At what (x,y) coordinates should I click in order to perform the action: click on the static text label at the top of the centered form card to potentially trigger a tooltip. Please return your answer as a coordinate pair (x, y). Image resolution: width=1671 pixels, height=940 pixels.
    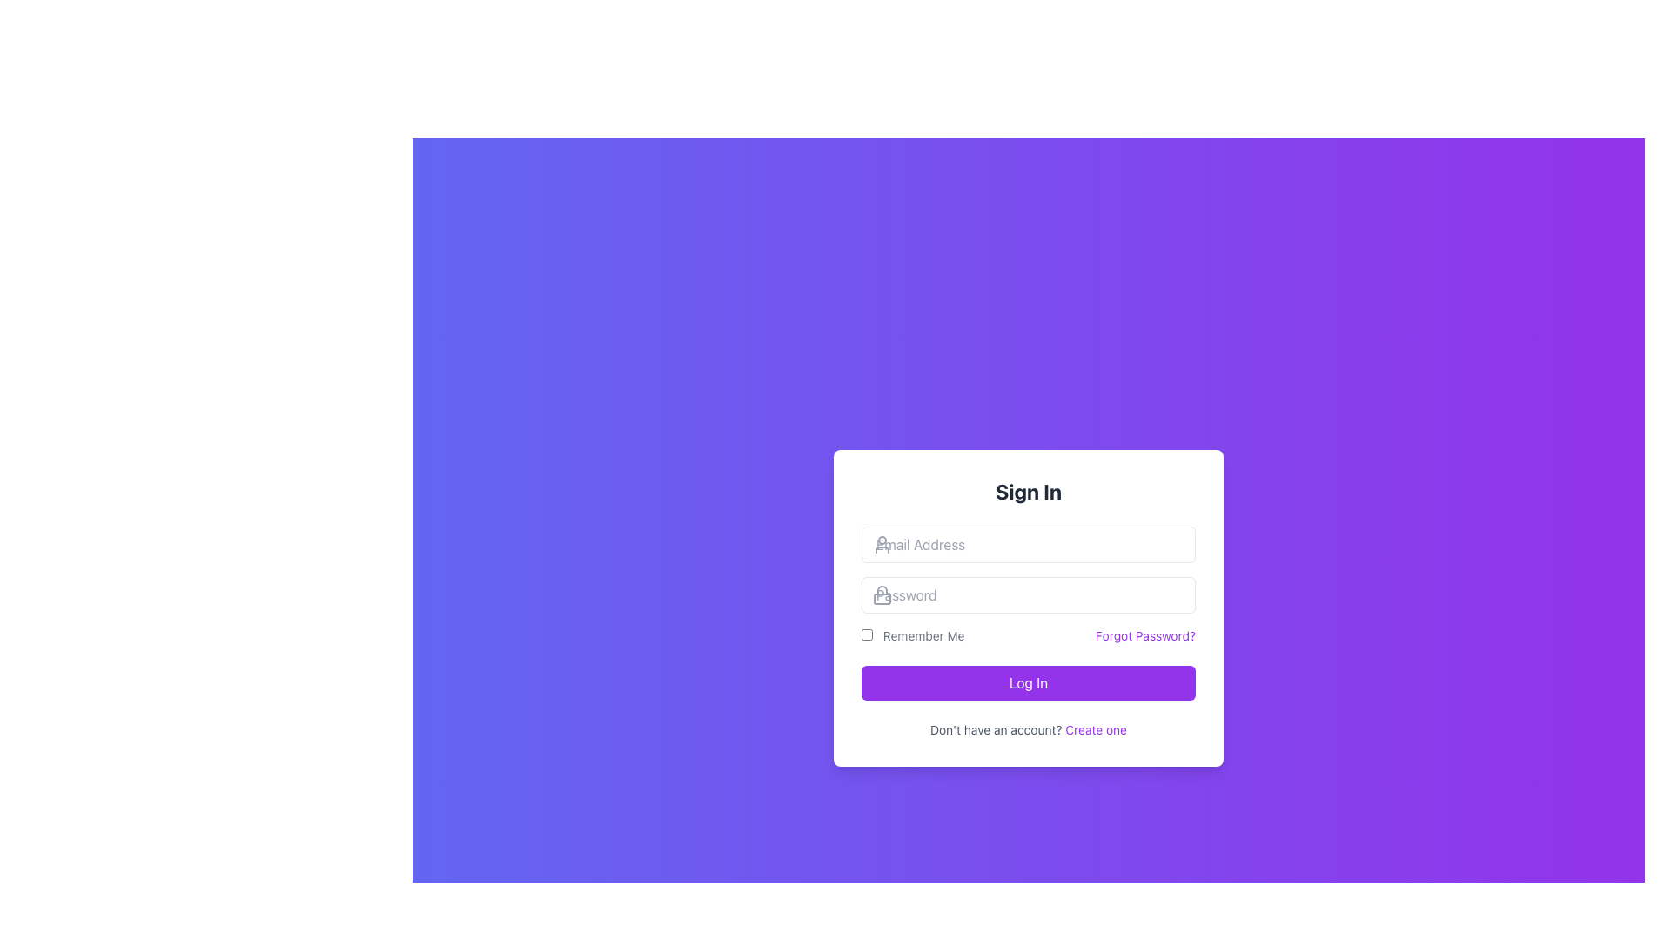
    Looking at the image, I should click on (1028, 491).